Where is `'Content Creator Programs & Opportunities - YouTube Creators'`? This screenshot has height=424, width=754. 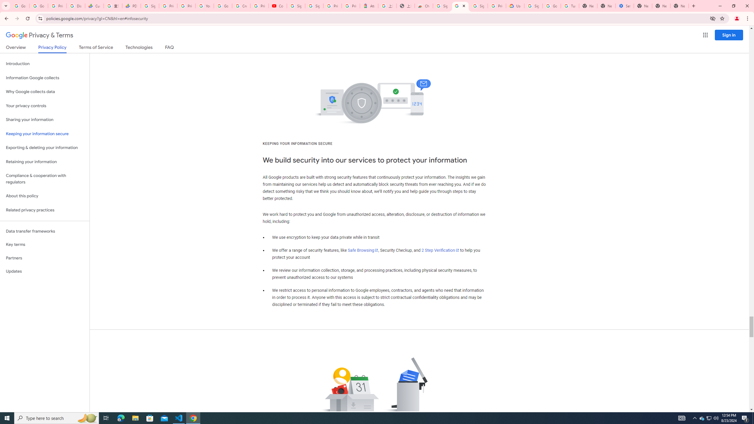 'Content Creator Programs & Opportunities - YouTube Creators' is located at coordinates (277, 6).